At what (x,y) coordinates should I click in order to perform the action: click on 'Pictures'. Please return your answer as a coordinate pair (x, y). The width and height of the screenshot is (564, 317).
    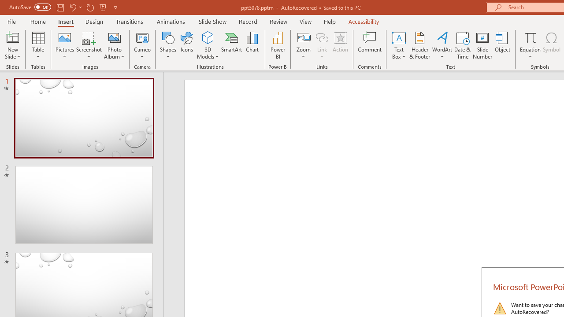
    Looking at the image, I should click on (64, 45).